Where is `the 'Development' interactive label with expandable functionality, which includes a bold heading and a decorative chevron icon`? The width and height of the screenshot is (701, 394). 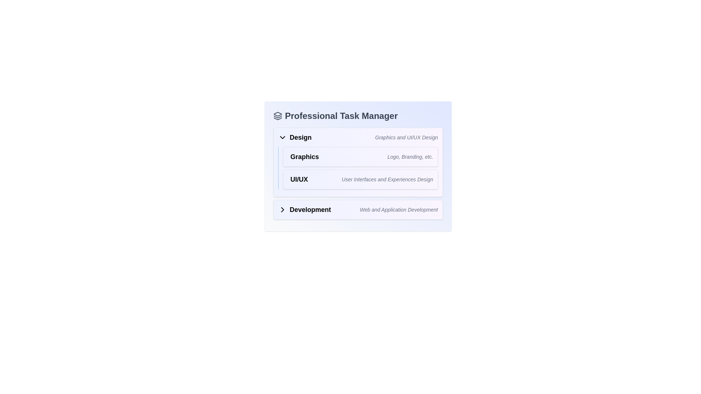 the 'Development' interactive label with expandable functionality, which includes a bold heading and a decorative chevron icon is located at coordinates (358, 209).